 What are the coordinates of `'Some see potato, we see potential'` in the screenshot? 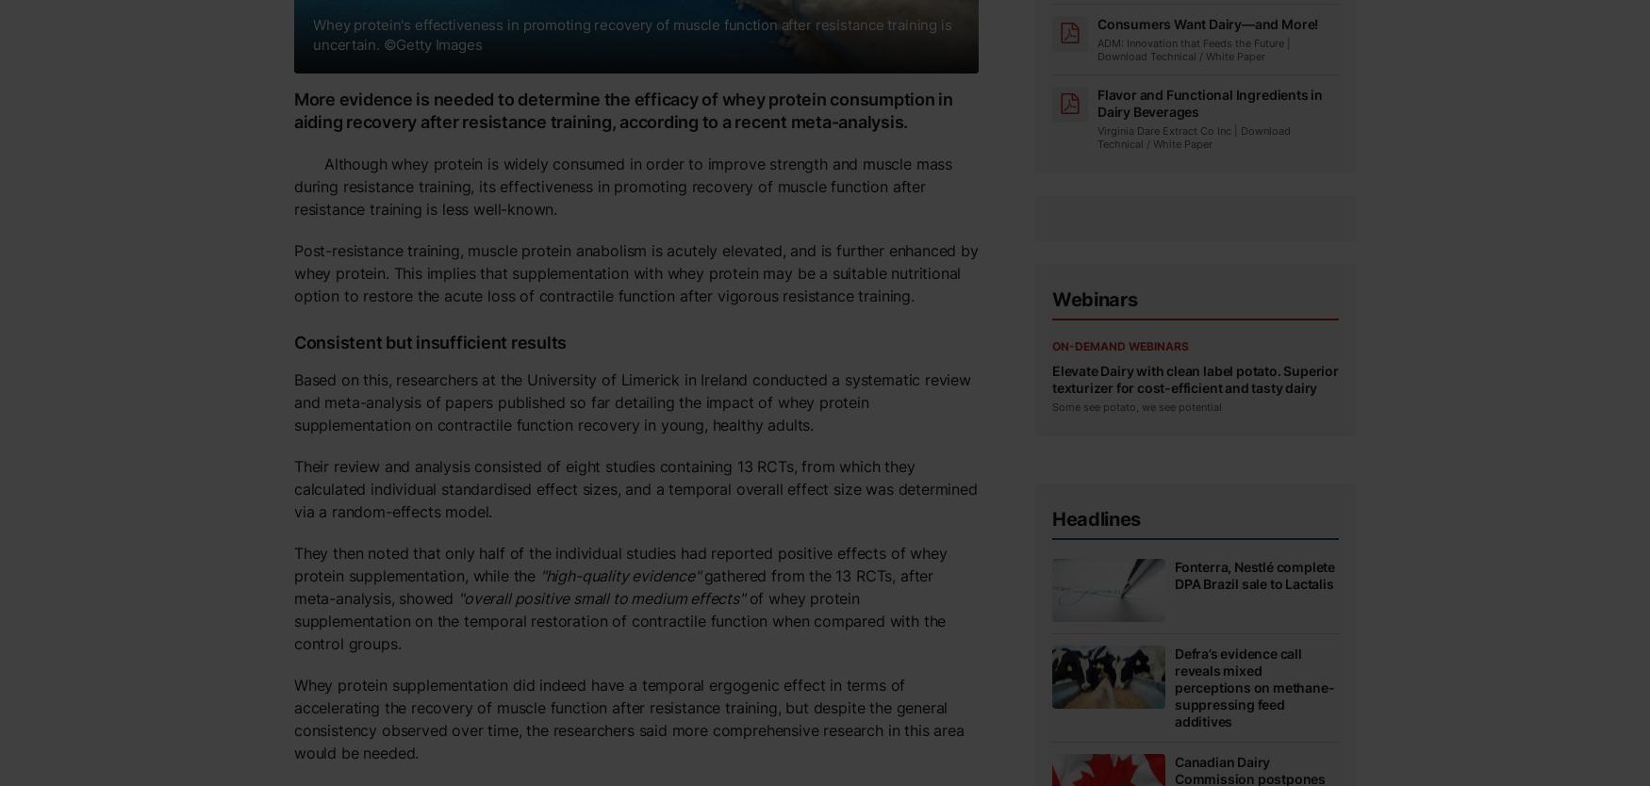 It's located at (1136, 407).